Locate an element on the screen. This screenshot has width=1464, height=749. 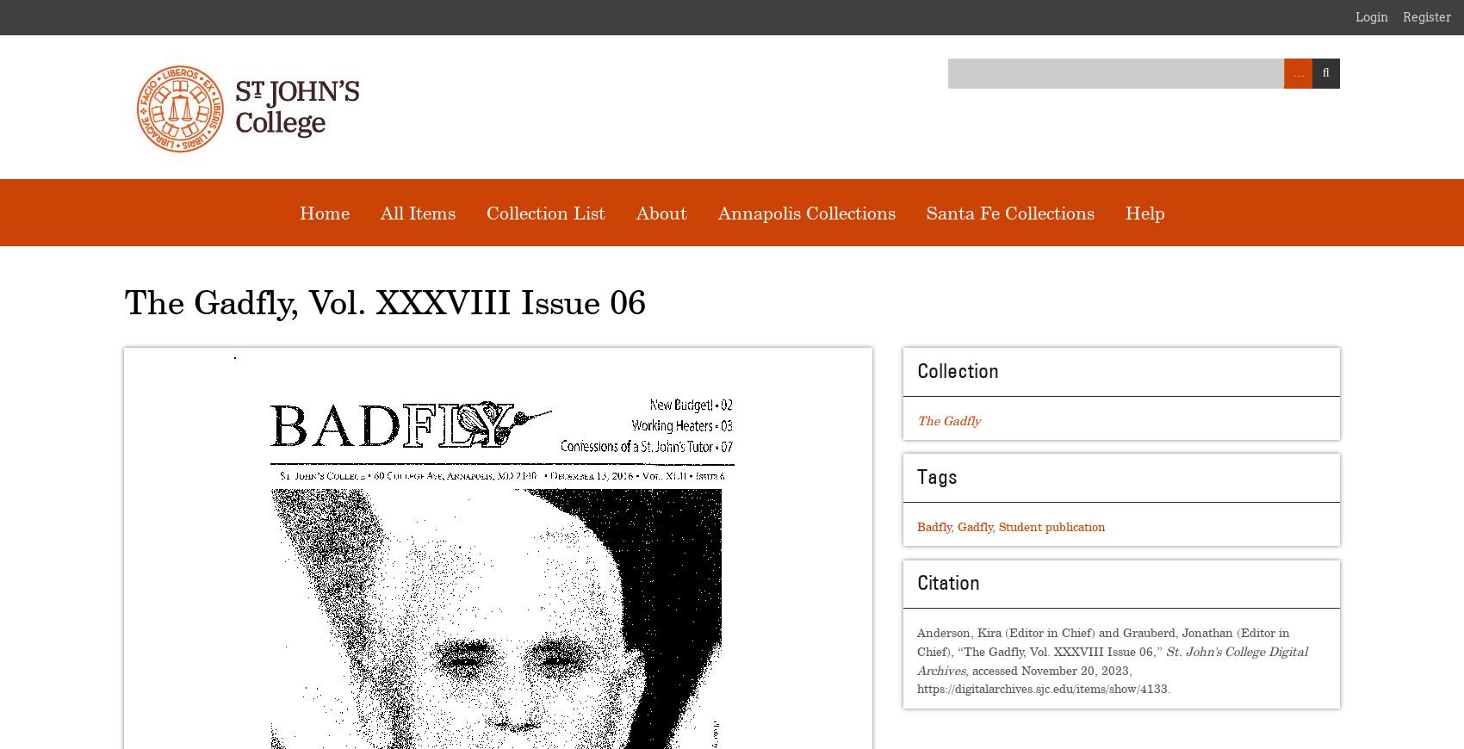
'Santa Fe Collections' is located at coordinates (1008, 212).